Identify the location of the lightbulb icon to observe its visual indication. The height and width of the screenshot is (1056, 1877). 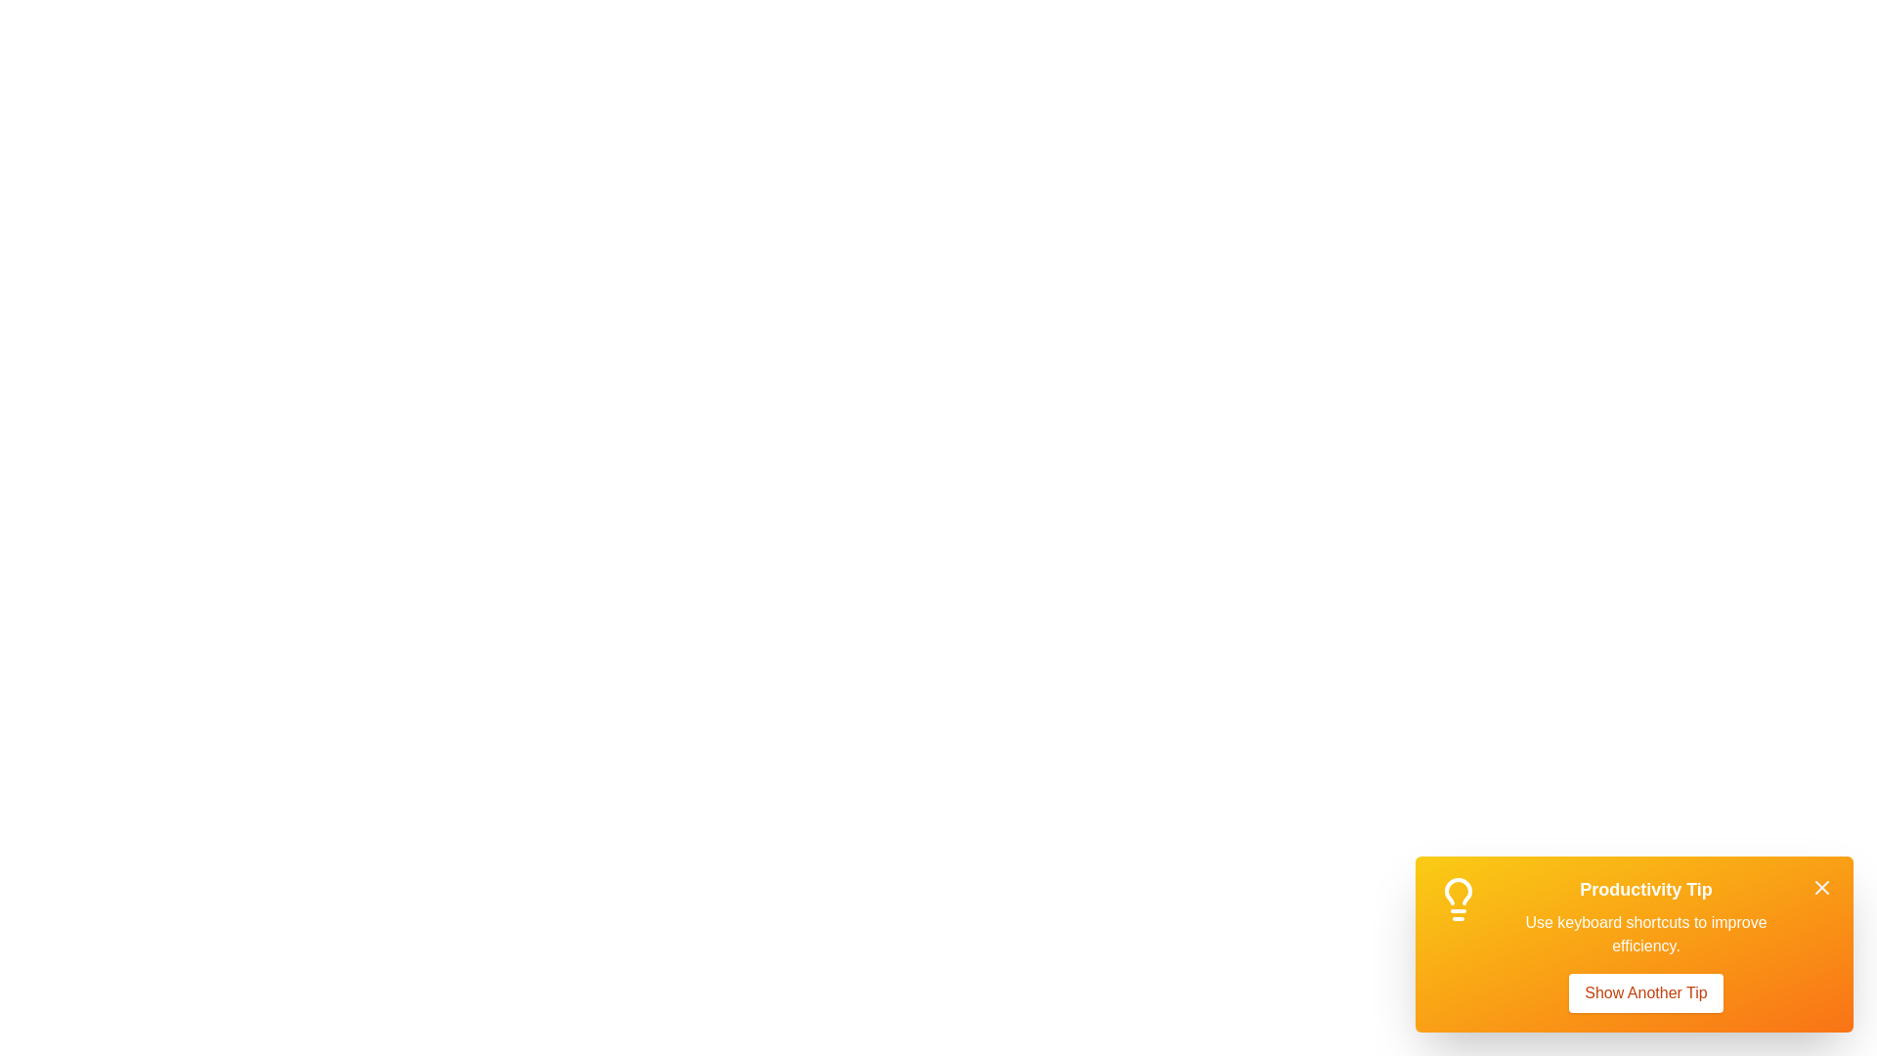
(1459, 900).